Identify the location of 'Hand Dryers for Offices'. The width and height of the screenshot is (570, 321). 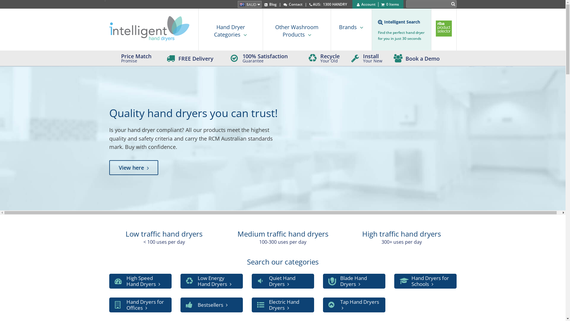
(140, 305).